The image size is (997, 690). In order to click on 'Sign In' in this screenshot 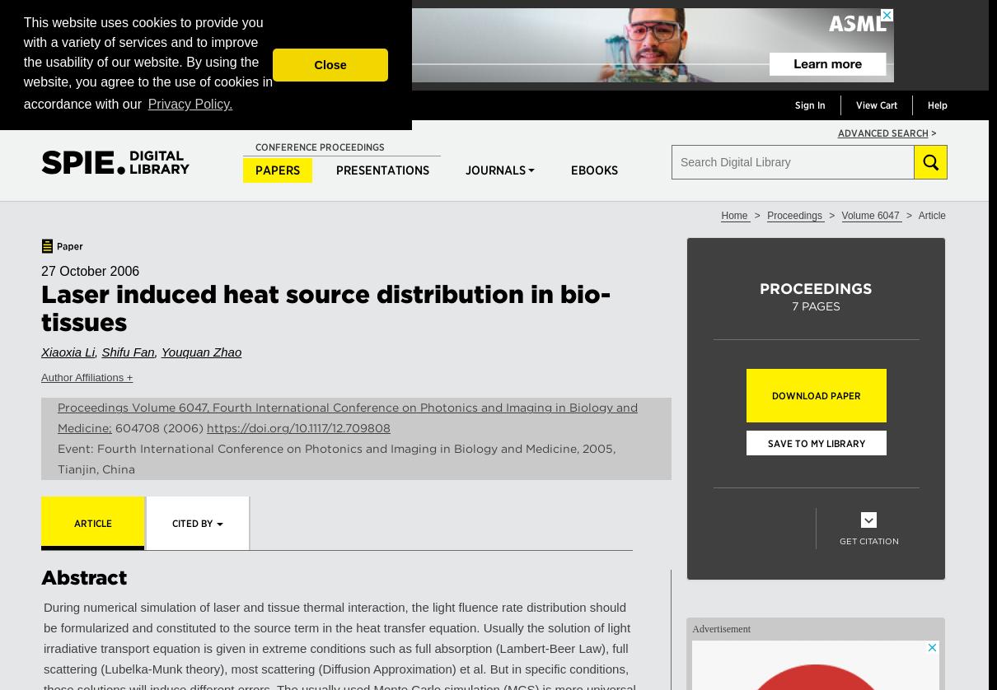, I will do `click(810, 105)`.